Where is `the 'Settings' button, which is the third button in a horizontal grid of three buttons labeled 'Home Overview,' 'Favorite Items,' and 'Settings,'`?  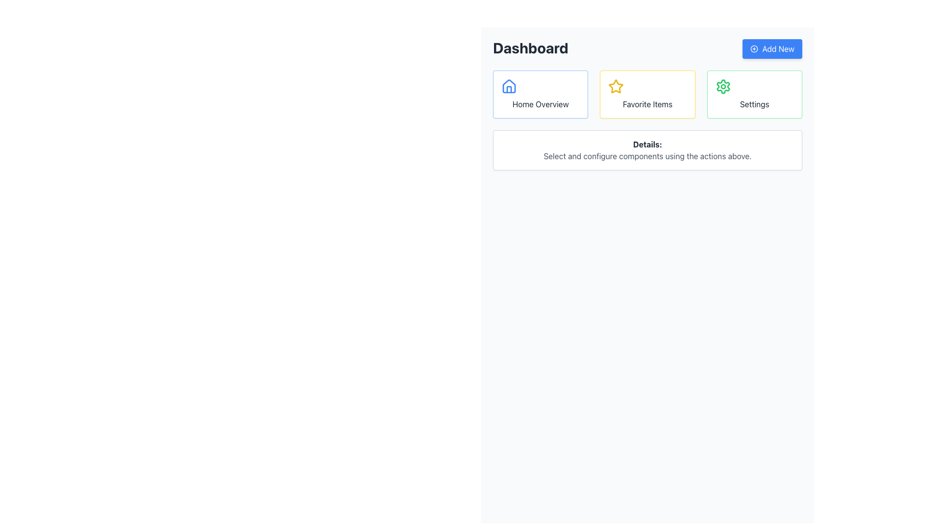 the 'Settings' button, which is the third button in a horizontal grid of three buttons labeled 'Home Overview,' 'Favorite Items,' and 'Settings,' is located at coordinates (754, 94).